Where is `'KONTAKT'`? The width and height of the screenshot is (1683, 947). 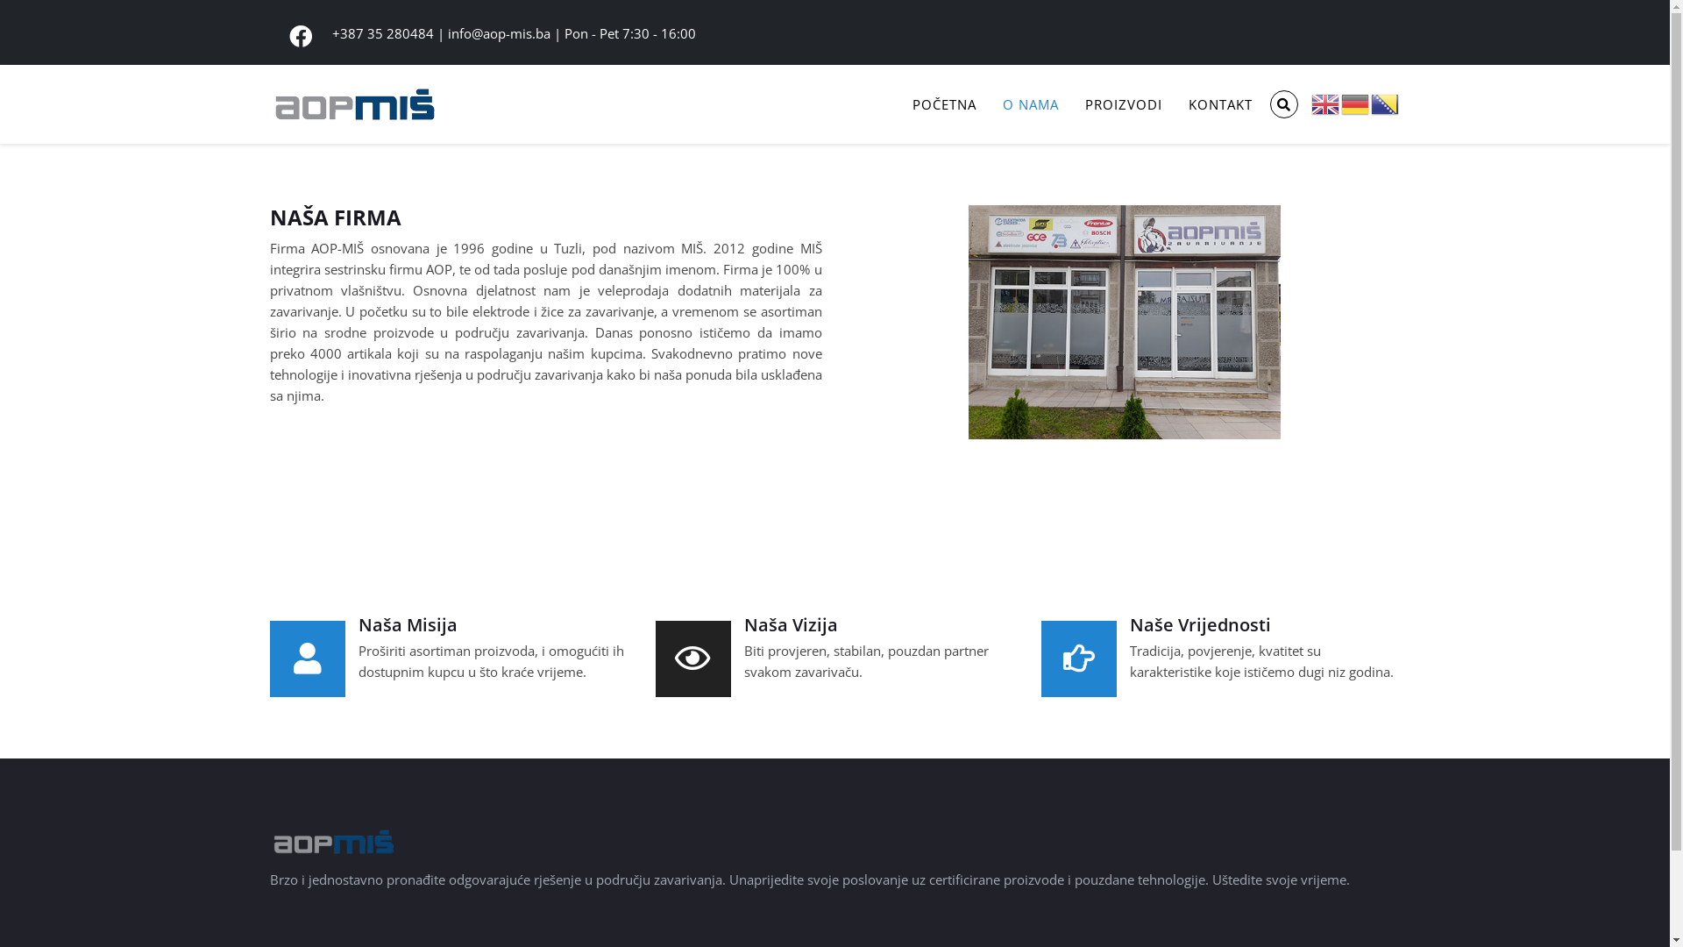 'KONTAKT' is located at coordinates (1174, 104).